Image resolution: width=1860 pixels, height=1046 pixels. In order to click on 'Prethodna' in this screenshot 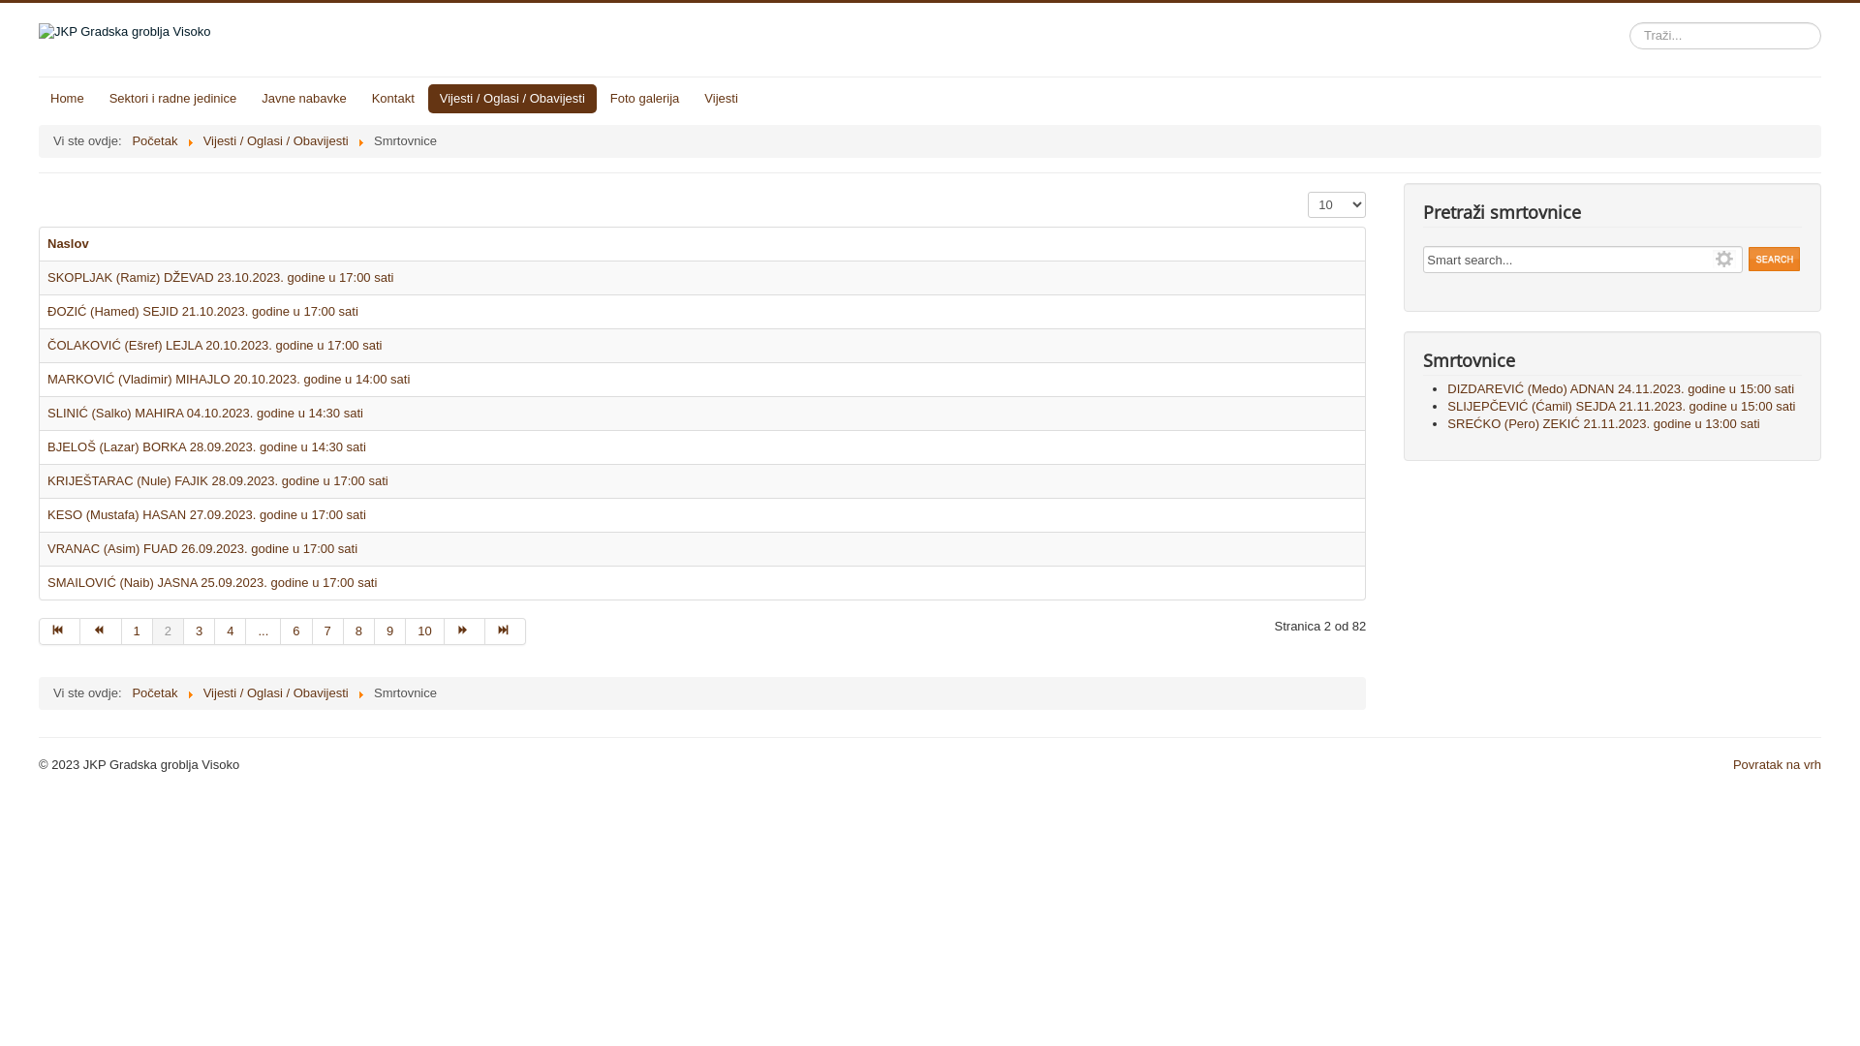, I will do `click(100, 631)`.